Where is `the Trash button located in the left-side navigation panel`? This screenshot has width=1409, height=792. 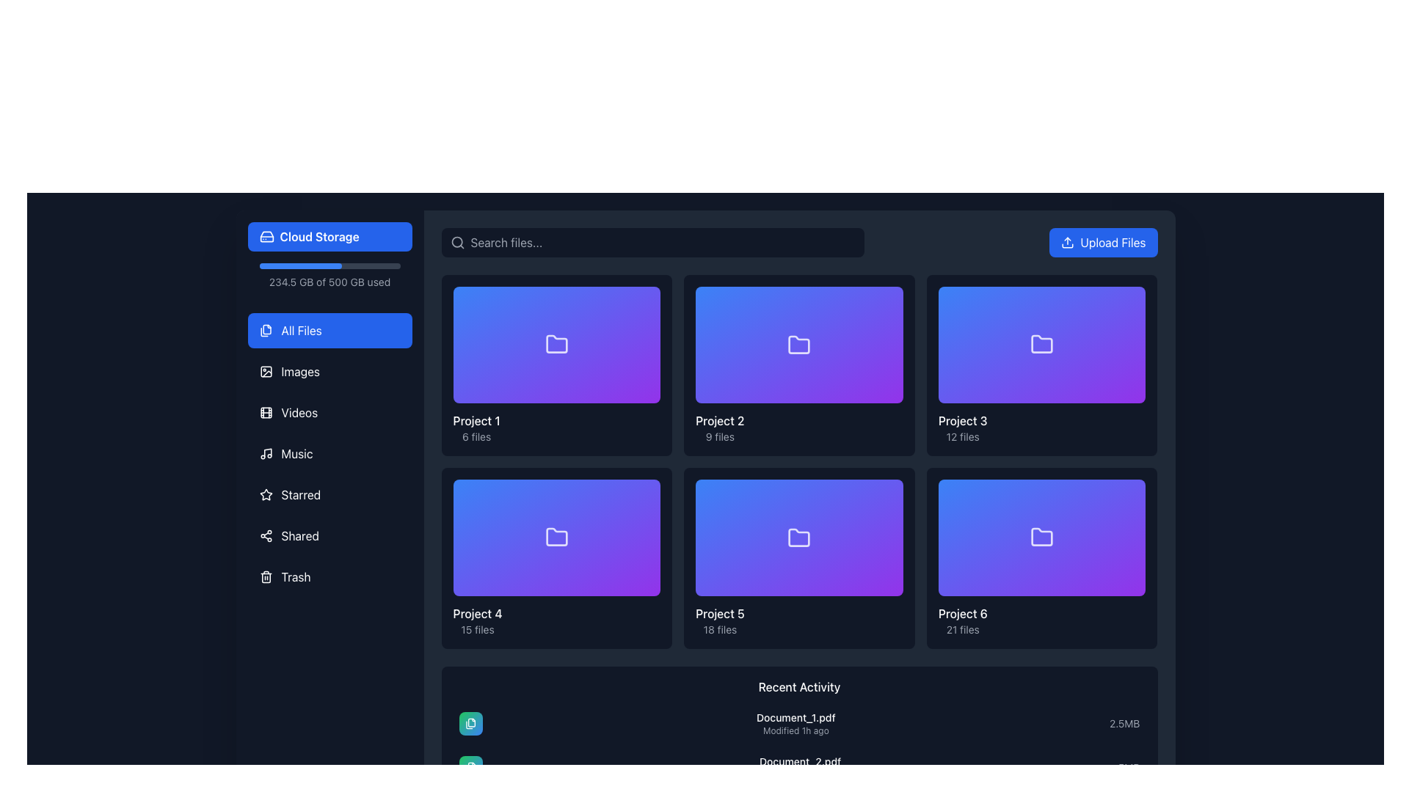 the Trash button located in the left-side navigation panel is located at coordinates (329, 576).